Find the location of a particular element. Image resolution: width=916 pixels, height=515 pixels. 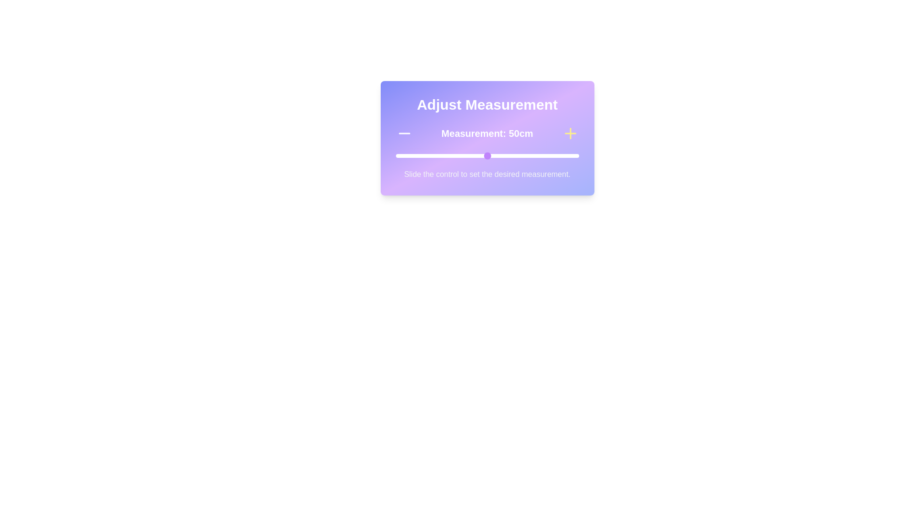

the measurement to 2 cm by sliding the control is located at coordinates (399, 155).